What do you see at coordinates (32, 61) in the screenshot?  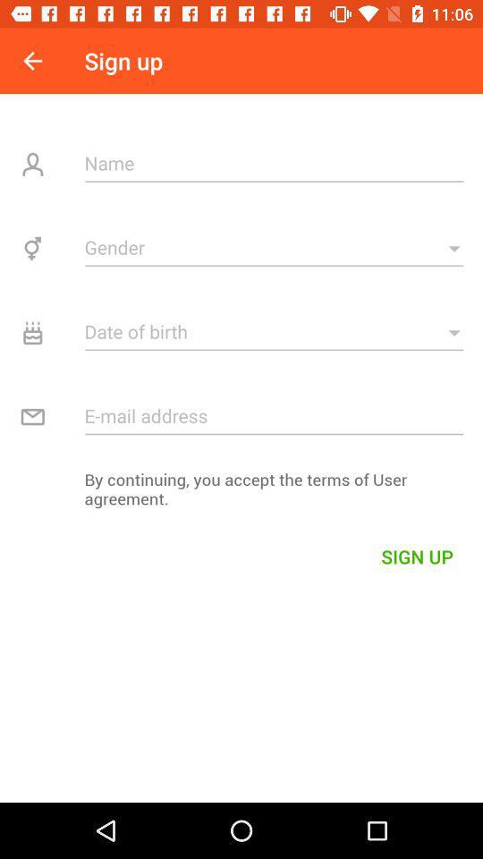 I see `icon next to the sign up item` at bounding box center [32, 61].